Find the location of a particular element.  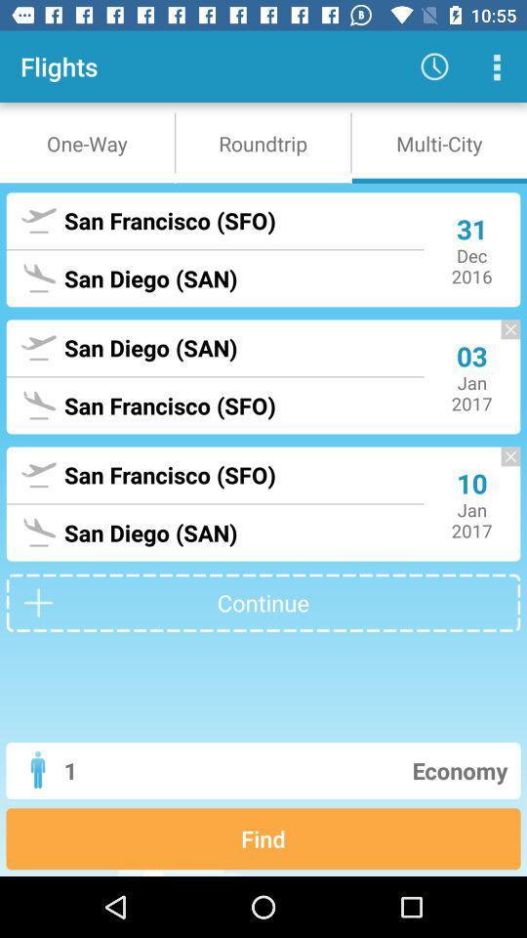

the close icon is located at coordinates (501, 466).